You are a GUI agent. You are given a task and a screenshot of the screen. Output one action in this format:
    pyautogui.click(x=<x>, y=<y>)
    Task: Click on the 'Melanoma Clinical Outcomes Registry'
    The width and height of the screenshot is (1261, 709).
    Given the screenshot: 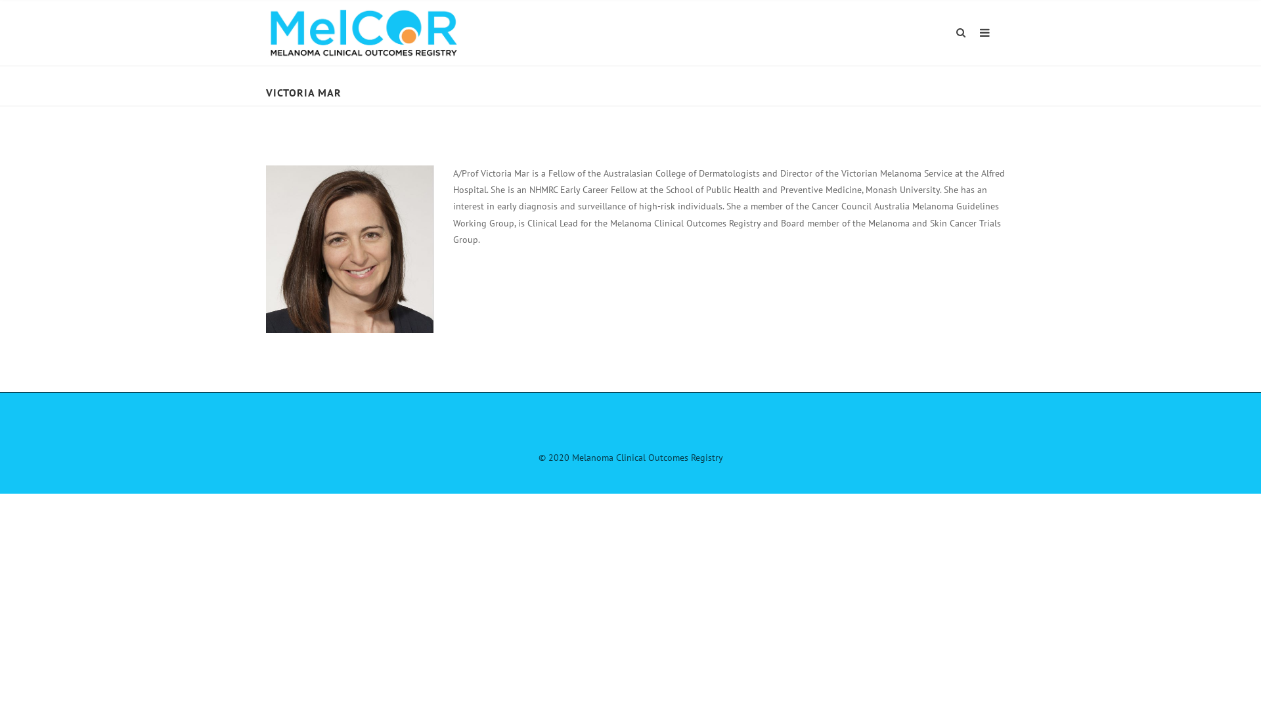 What is the action you would take?
    pyautogui.click(x=363, y=32)
    